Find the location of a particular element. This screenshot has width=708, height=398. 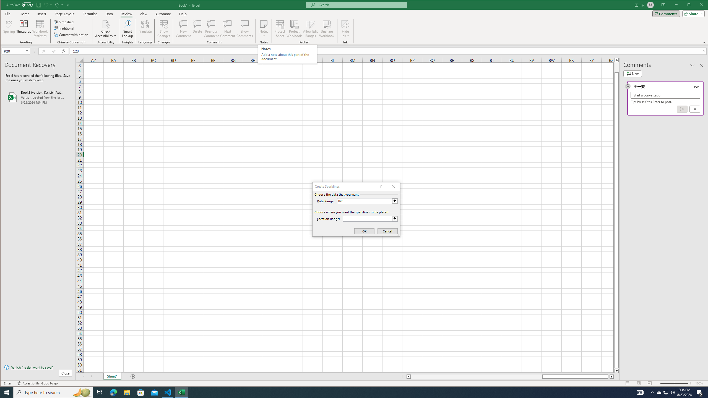

'Protect Sheet...' is located at coordinates (280, 28).